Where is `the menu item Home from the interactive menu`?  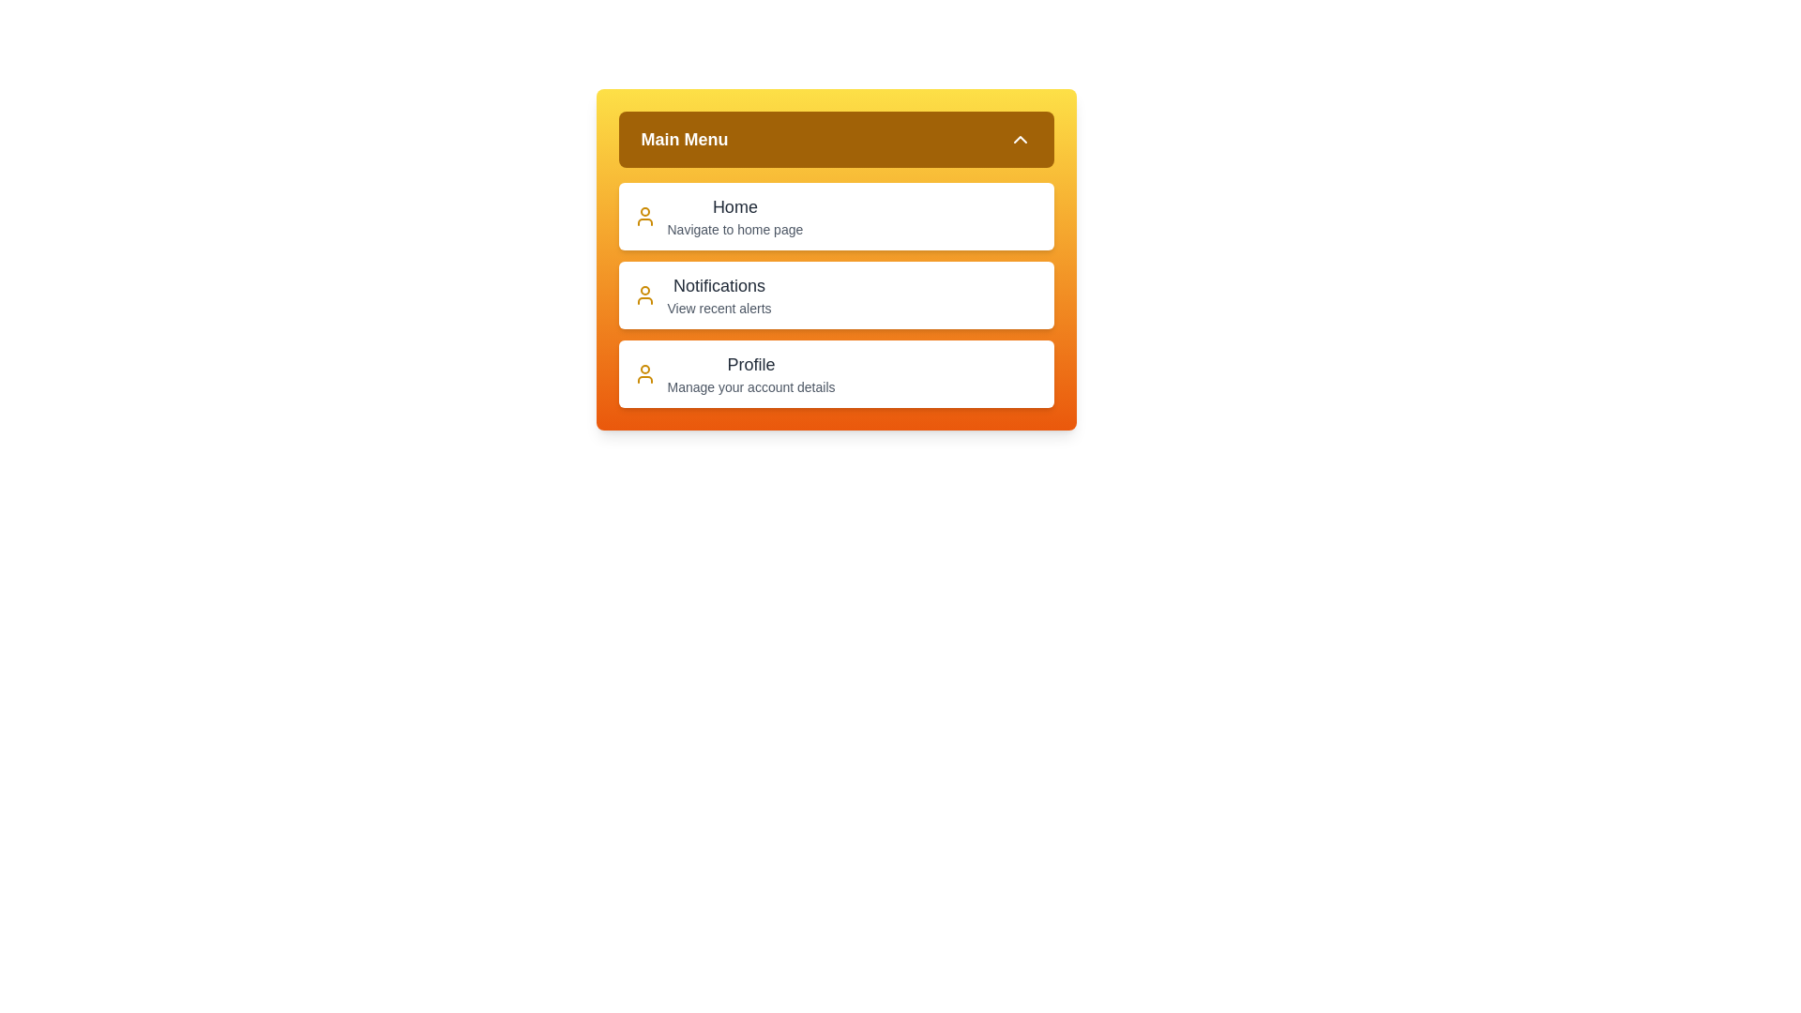
the menu item Home from the interactive menu is located at coordinates (835, 216).